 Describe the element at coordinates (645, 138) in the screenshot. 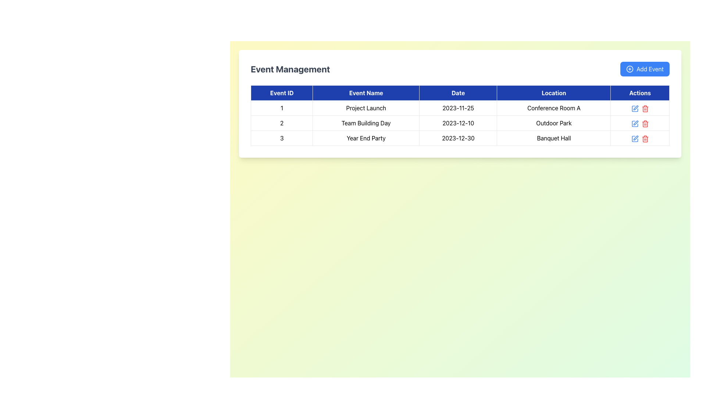

I see `the red trash can icon in the 'Actions' column of the last row under 'Event Management'` at that location.